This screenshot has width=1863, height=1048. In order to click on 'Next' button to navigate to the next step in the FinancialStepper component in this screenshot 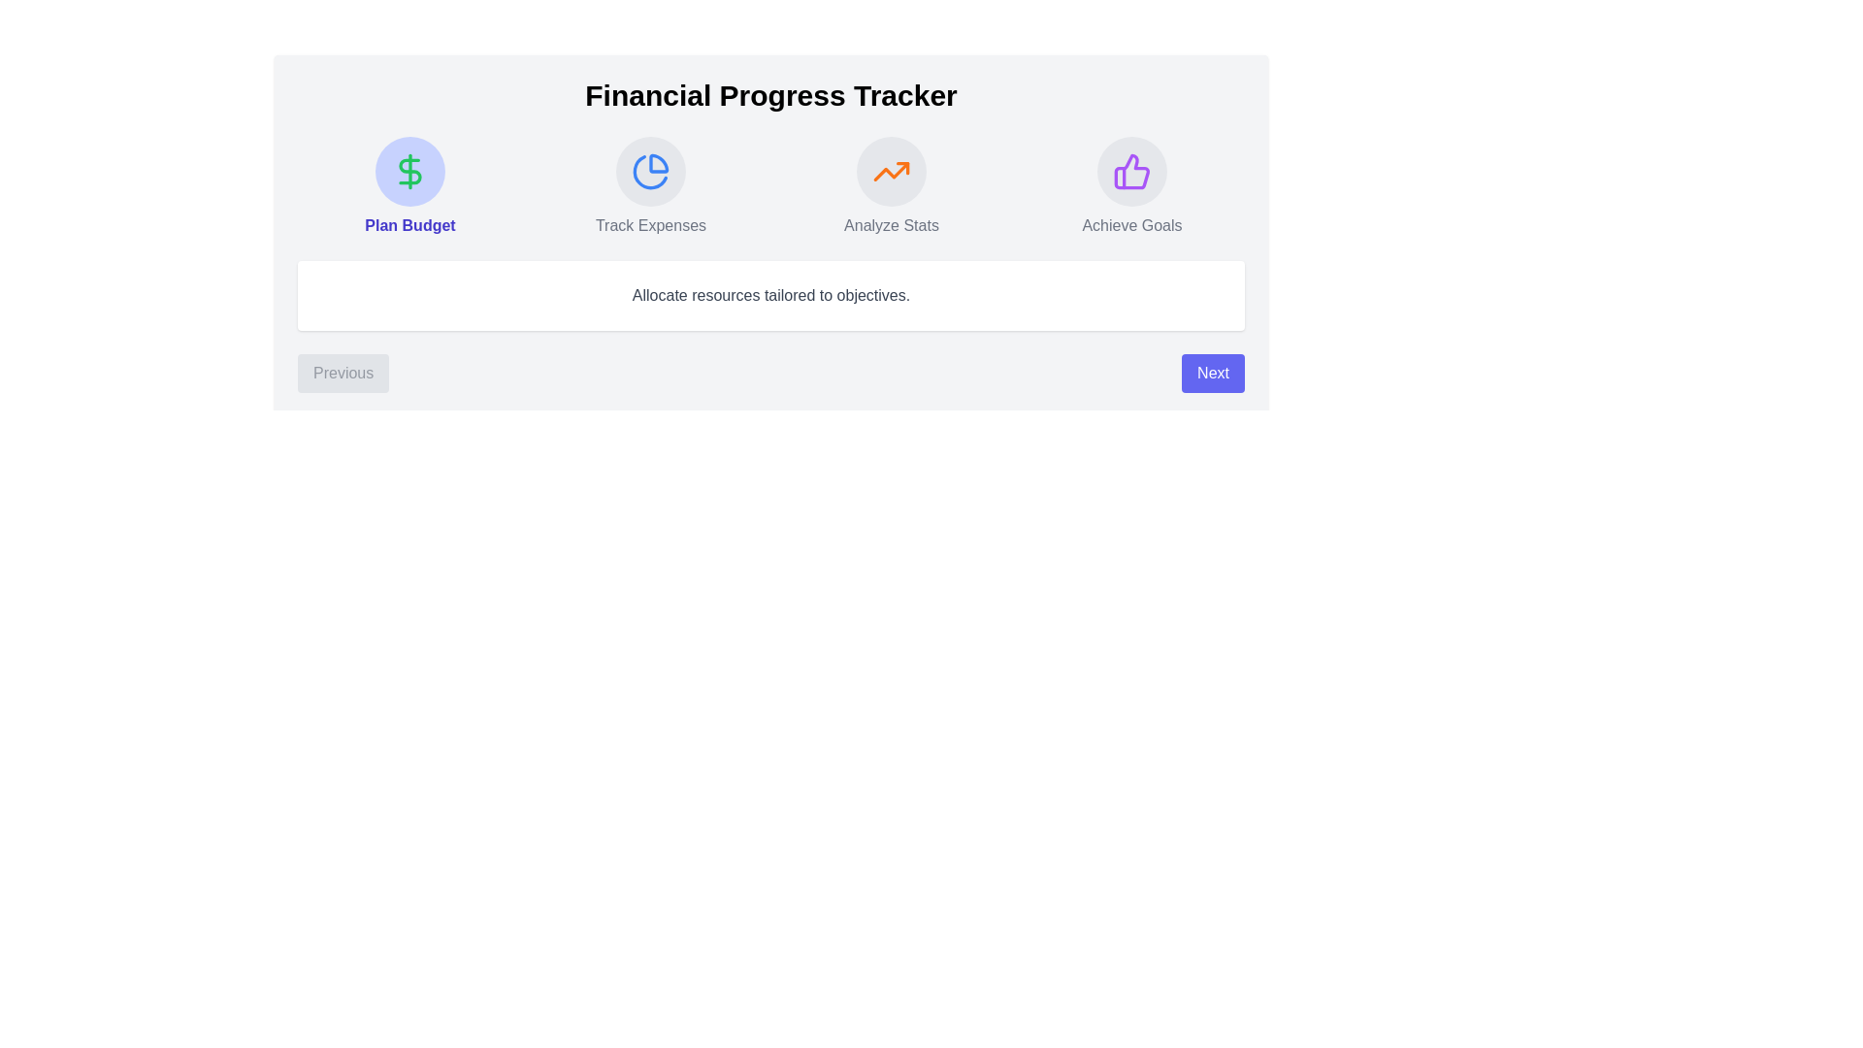, I will do `click(1212, 374)`.